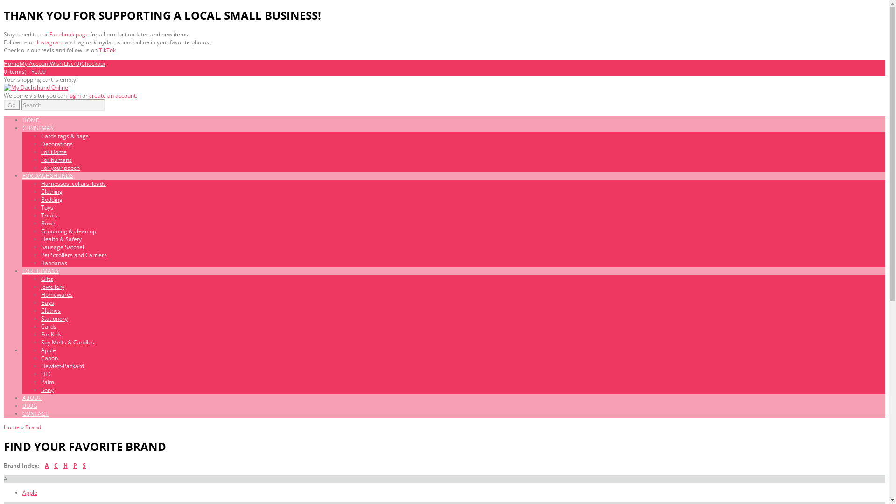  Describe the element at coordinates (40, 382) in the screenshot. I see `'Palm'` at that location.